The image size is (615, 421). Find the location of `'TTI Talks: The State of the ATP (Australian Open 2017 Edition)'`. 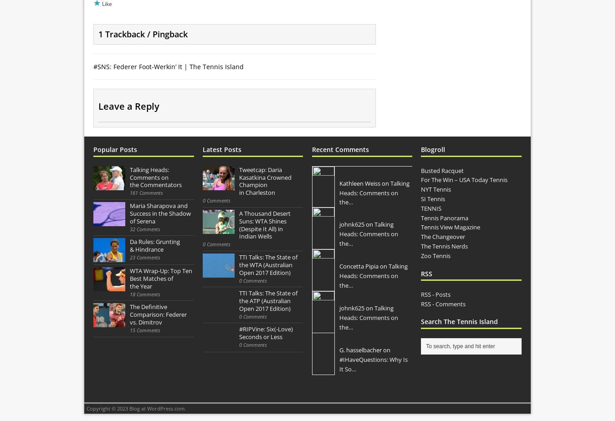

'TTI Talks: The State of the ATP (Australian Open 2017 Edition)' is located at coordinates (268, 301).